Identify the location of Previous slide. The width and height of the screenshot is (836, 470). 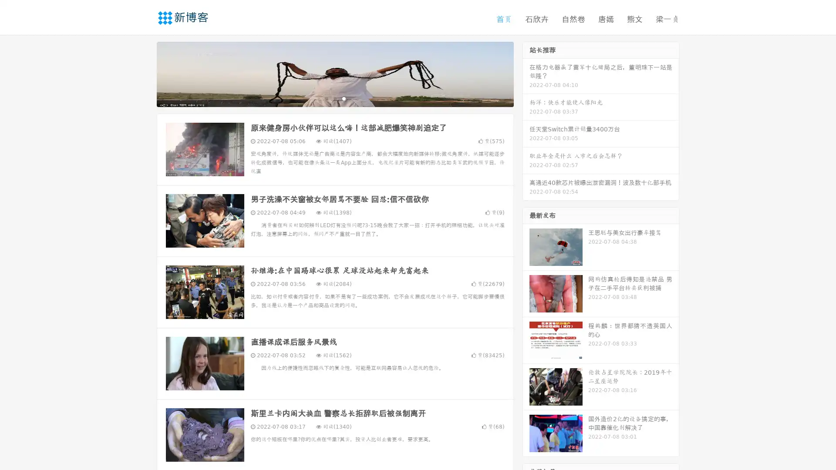
(144, 73).